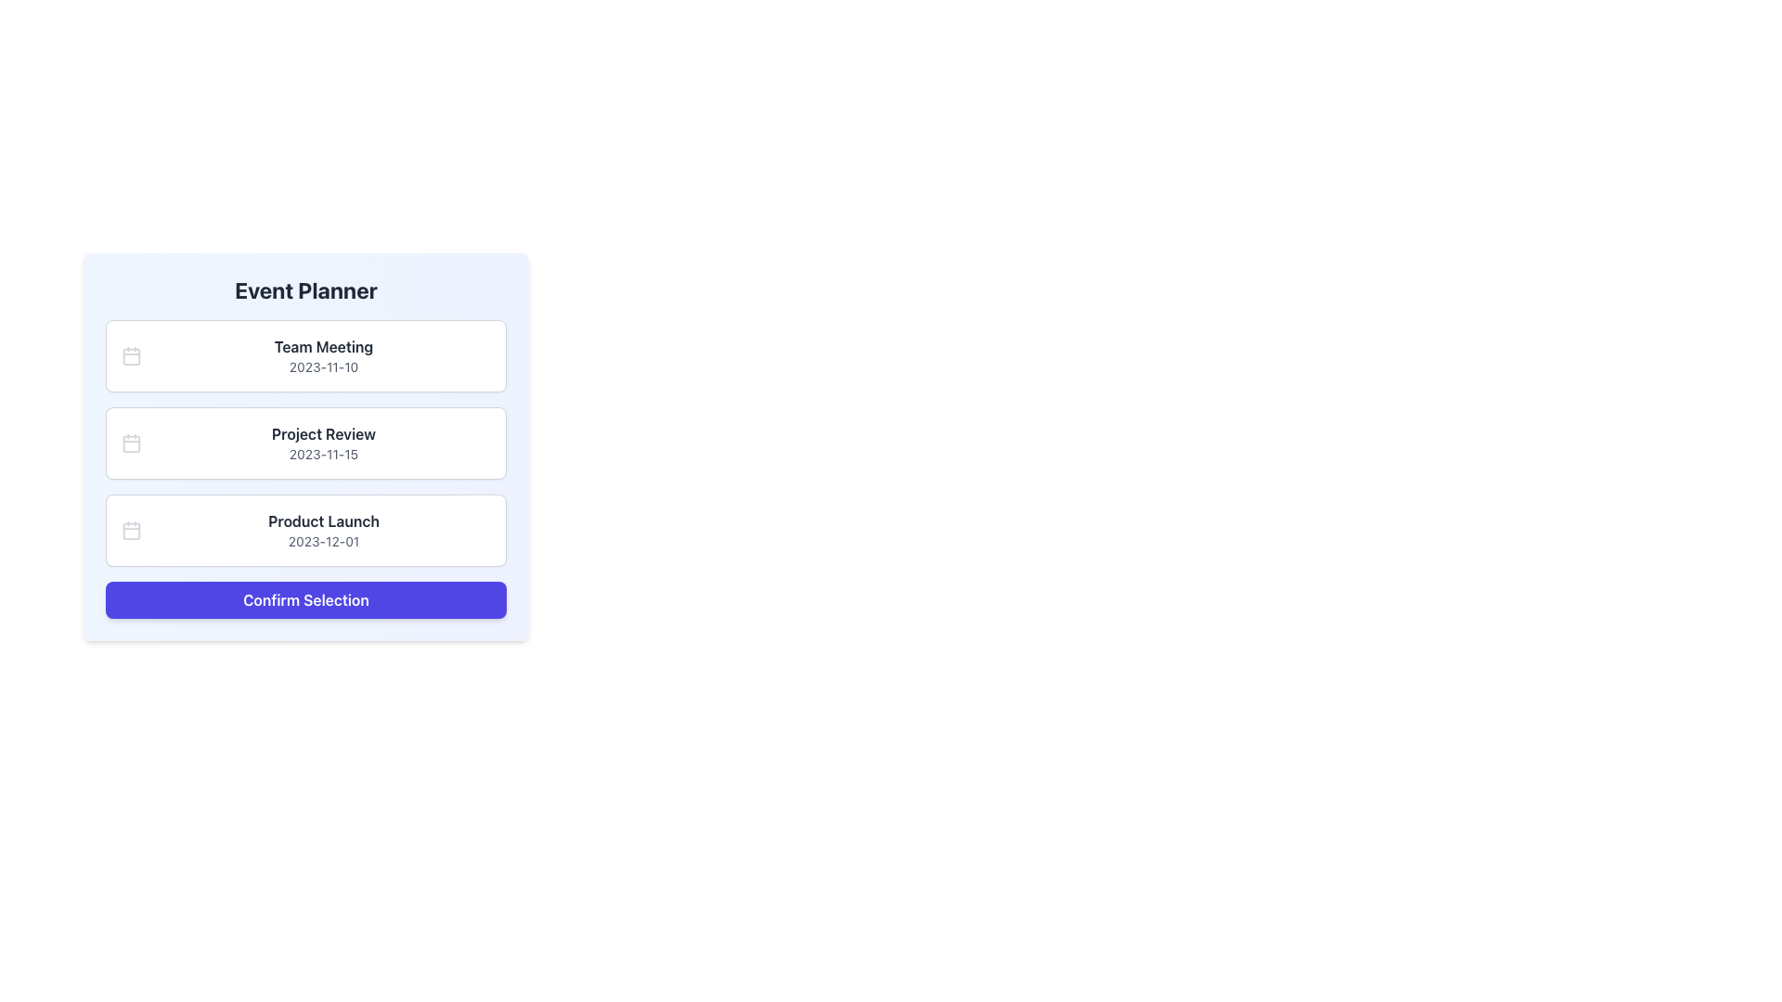 Image resolution: width=1782 pixels, height=1002 pixels. I want to click on the text label that serves as the title for the event listing in the first item of the 'Event Planner' panel, which is located centrally above the date '2023-11-10', so click(324, 347).